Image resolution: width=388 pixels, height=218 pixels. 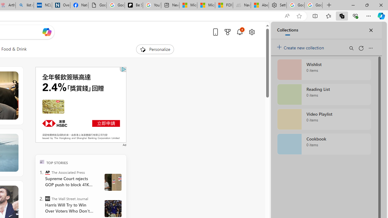 I want to click on 'The Wall Street Journal', so click(x=47, y=198).